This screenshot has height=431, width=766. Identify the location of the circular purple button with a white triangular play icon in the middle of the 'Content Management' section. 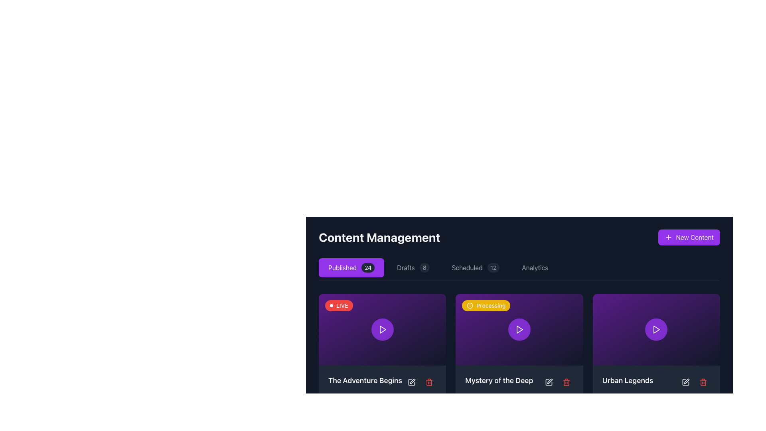
(519, 329).